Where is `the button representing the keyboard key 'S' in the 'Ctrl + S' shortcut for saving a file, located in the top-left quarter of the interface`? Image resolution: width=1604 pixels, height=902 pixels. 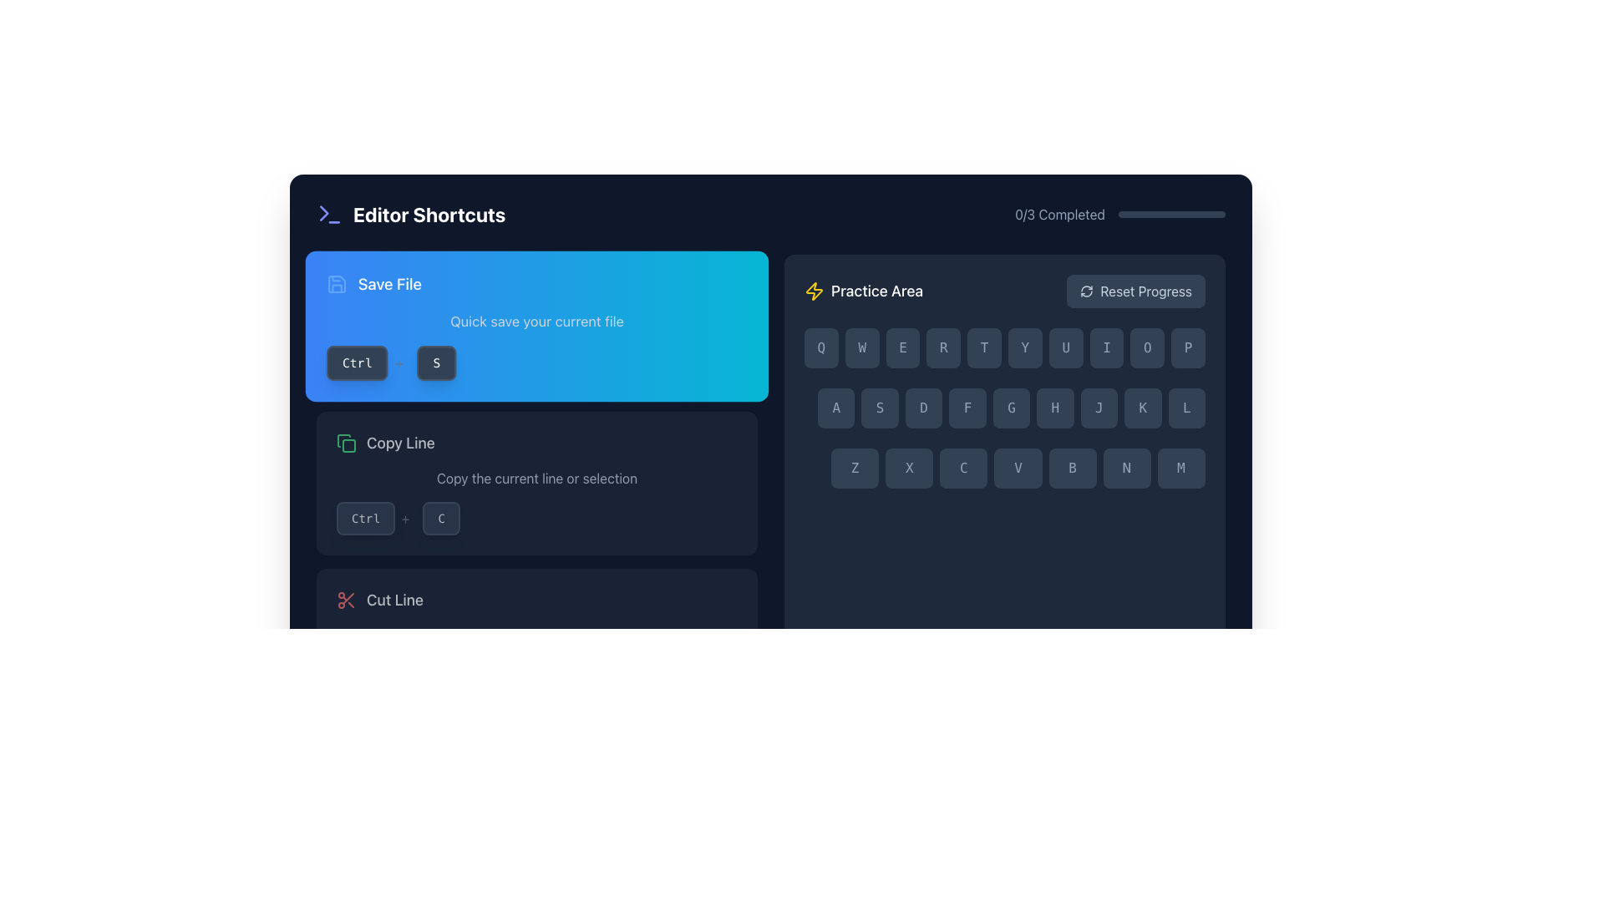
the button representing the keyboard key 'S' in the 'Ctrl + S' shortcut for saving a file, located in the top-left quarter of the interface is located at coordinates (437, 362).